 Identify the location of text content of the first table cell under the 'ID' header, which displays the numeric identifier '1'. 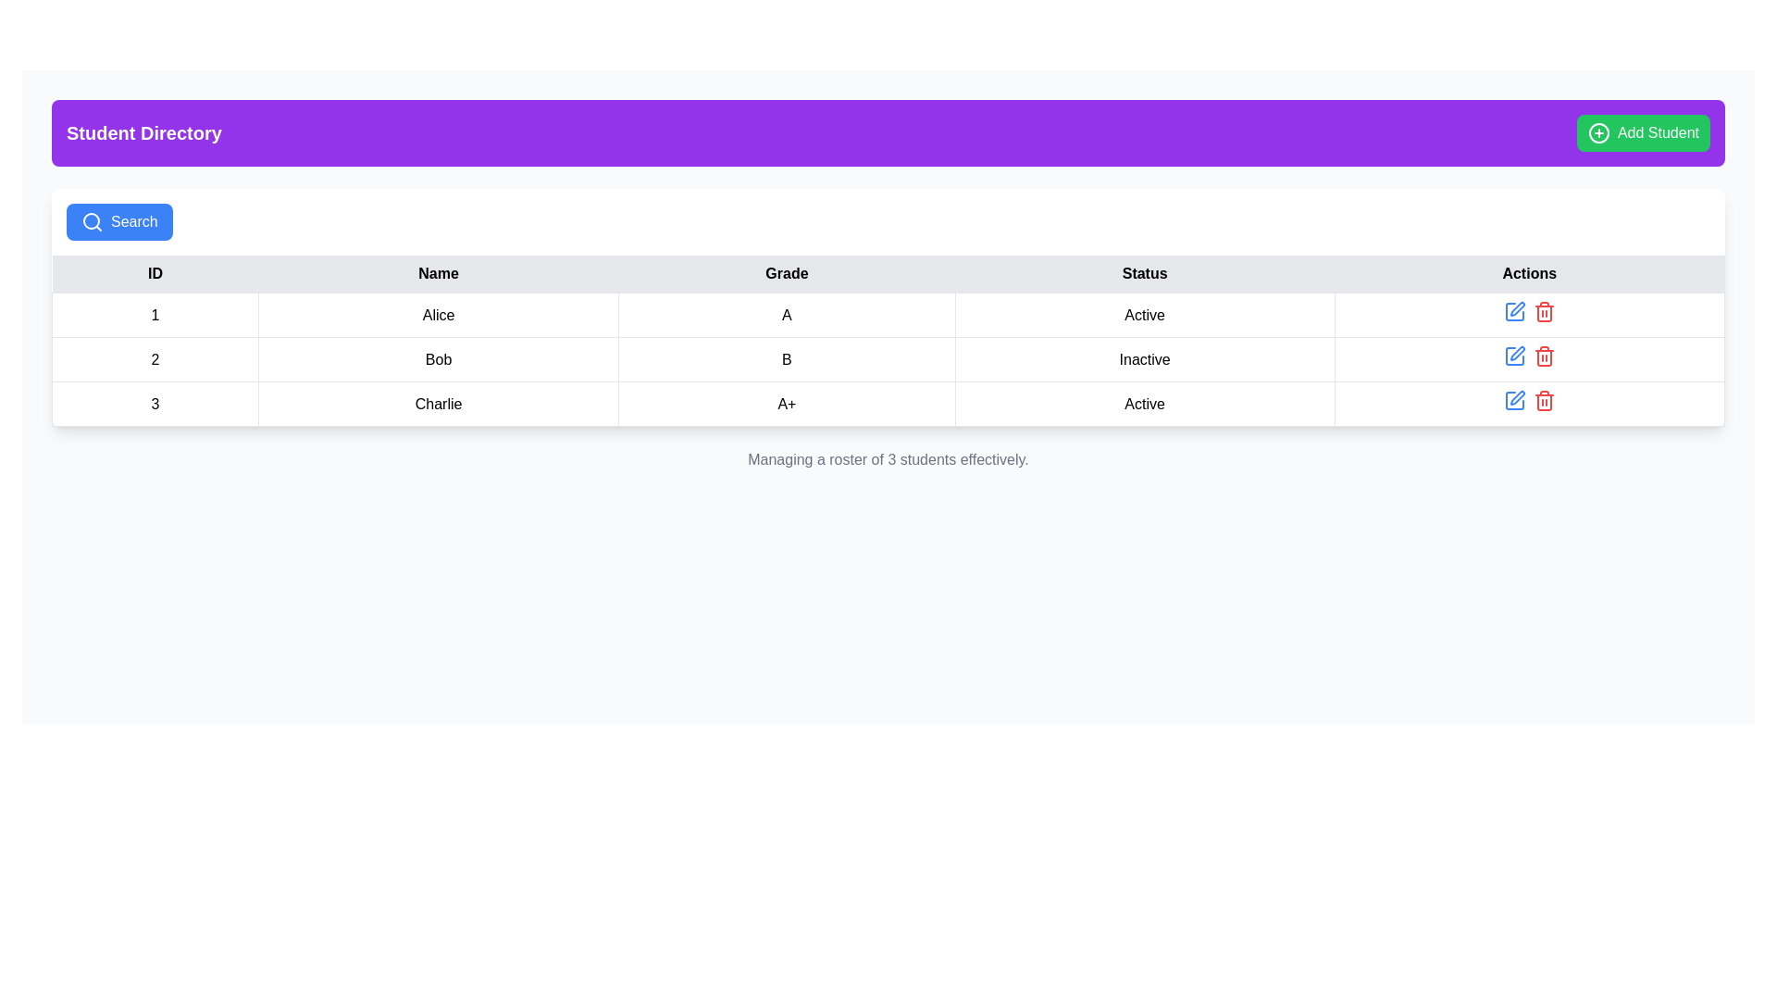
(155, 314).